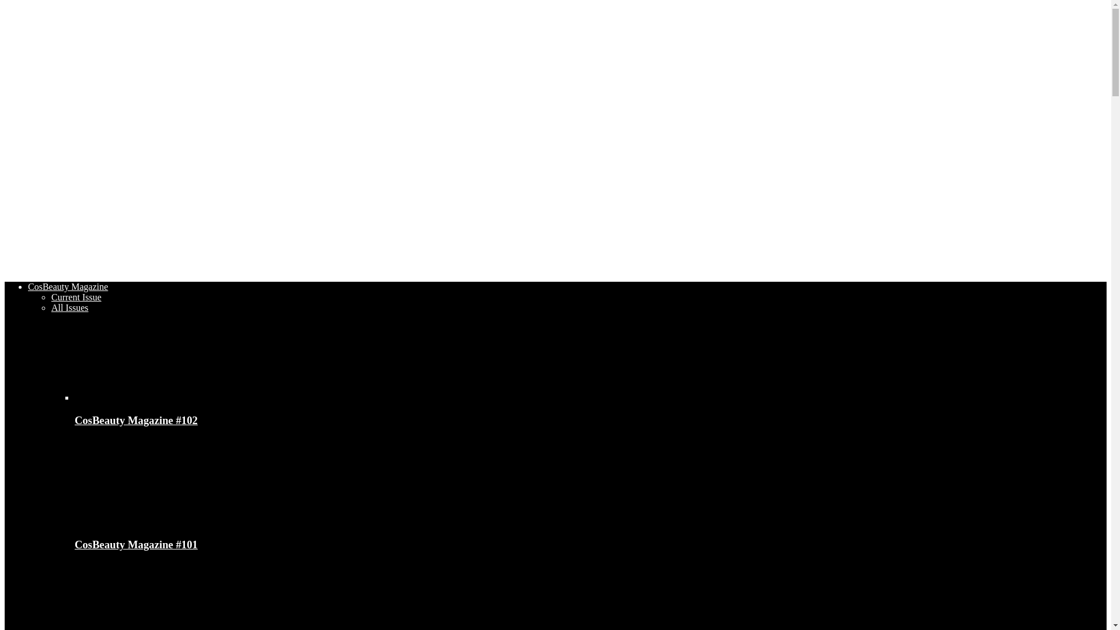  What do you see at coordinates (138, 356) in the screenshot?
I see `'CosBeauty Magazine #102'` at bounding box center [138, 356].